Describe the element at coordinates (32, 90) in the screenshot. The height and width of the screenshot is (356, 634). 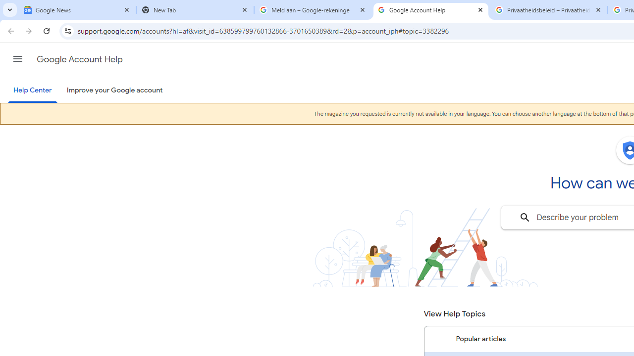
I see `'Help Center'` at that location.